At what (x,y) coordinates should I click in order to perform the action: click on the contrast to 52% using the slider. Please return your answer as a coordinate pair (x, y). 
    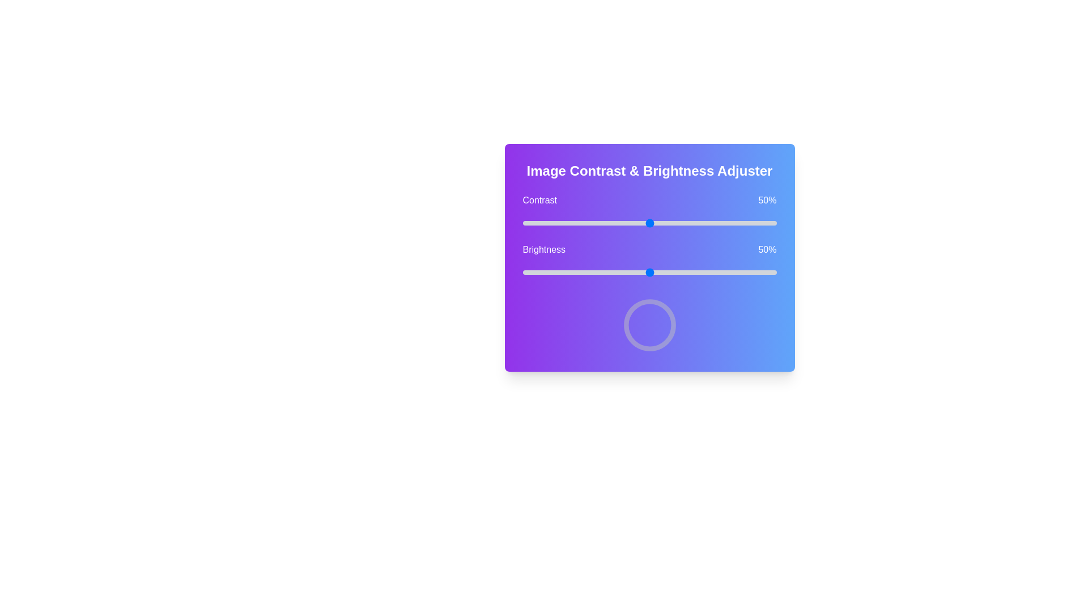
    Looking at the image, I should click on (654, 223).